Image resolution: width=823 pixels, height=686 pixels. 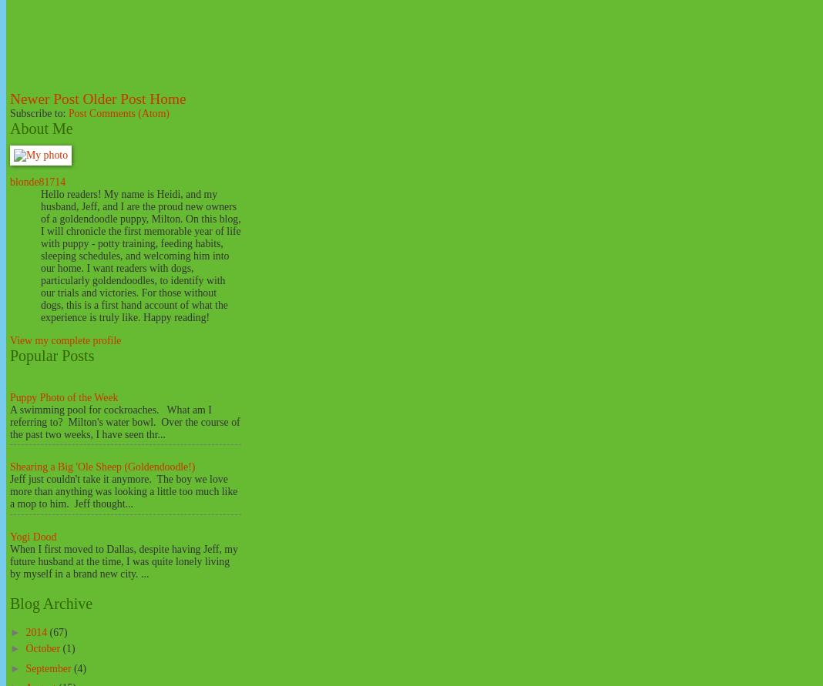 What do you see at coordinates (32, 535) in the screenshot?
I see `'Yogi Dood'` at bounding box center [32, 535].